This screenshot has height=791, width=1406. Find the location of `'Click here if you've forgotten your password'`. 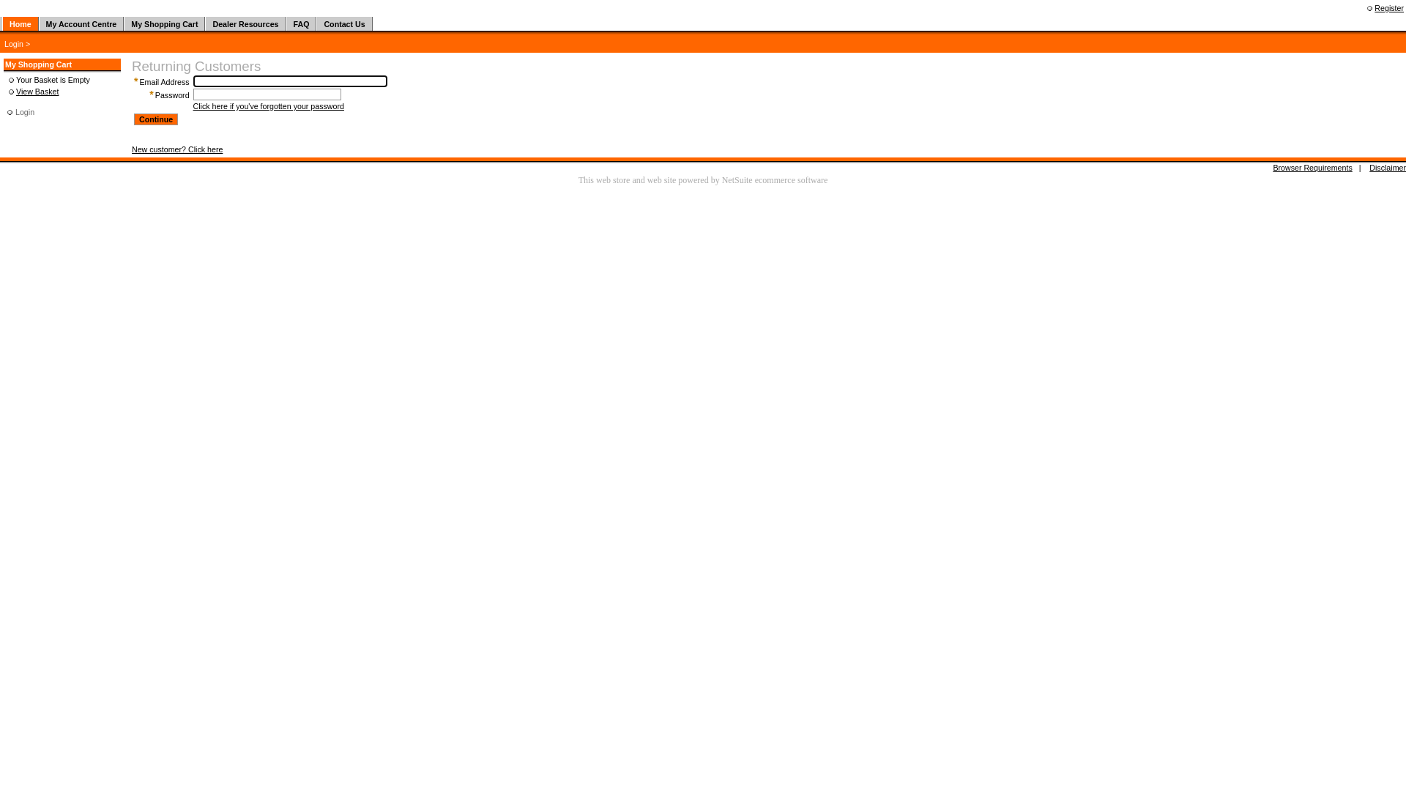

'Click here if you've forgotten your password' is located at coordinates (268, 105).